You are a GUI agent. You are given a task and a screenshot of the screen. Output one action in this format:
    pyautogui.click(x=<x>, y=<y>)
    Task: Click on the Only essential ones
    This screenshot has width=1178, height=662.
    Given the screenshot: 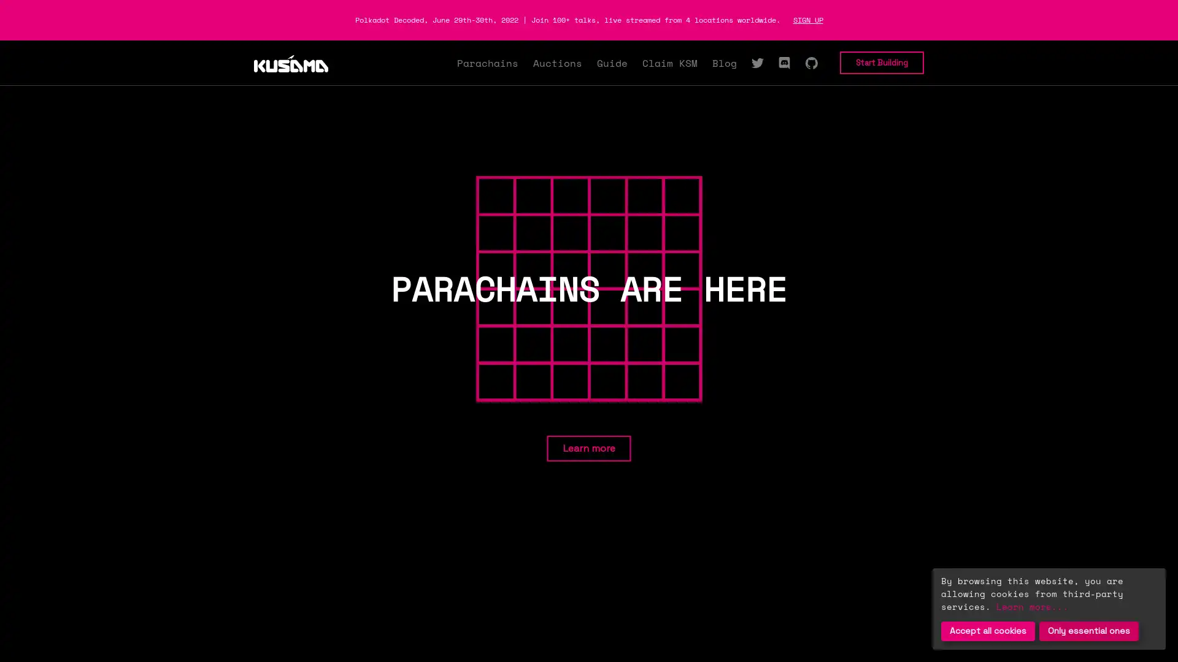 What is the action you would take?
    pyautogui.click(x=1089, y=631)
    